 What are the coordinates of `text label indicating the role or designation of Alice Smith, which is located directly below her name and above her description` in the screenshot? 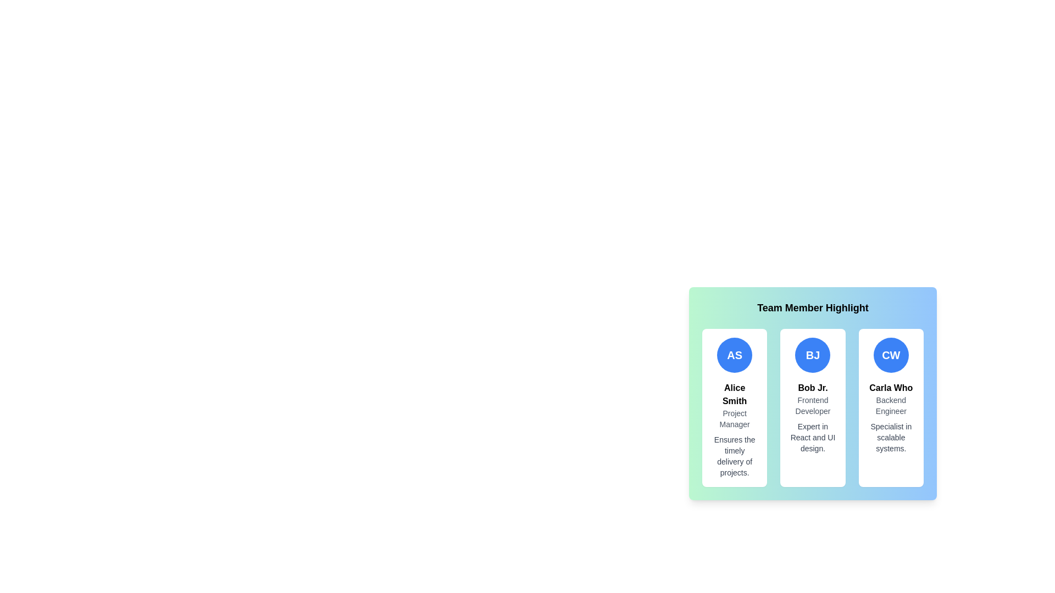 It's located at (735, 419).